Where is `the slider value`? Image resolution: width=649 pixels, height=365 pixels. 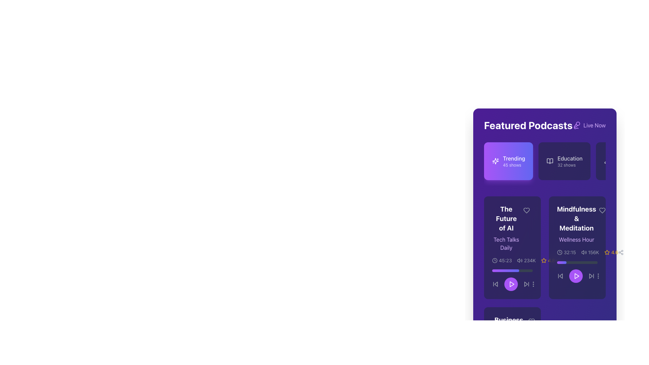
the slider value is located at coordinates (517, 270).